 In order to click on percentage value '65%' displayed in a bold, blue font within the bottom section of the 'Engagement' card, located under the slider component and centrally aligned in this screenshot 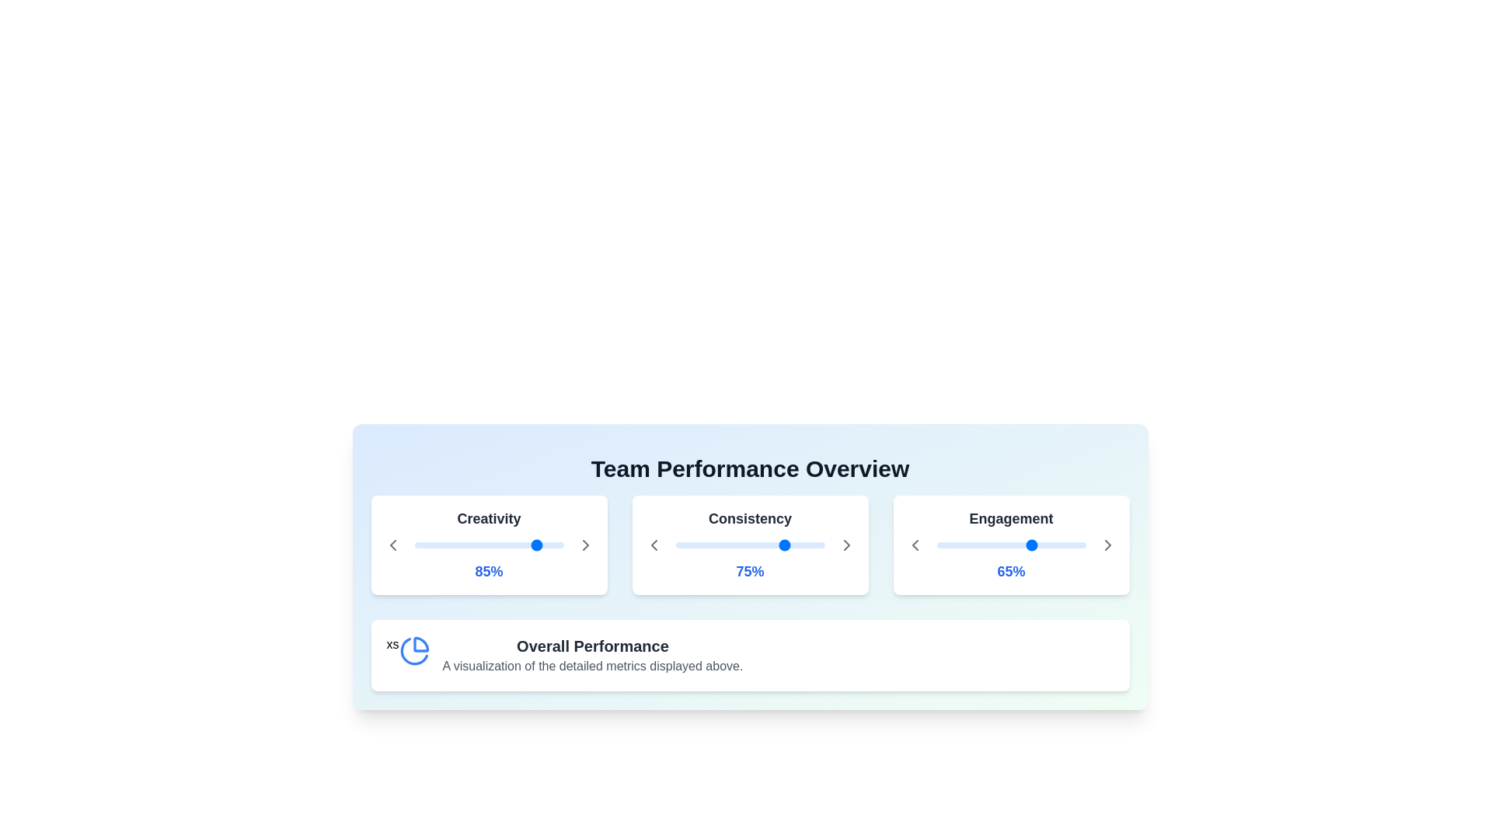, I will do `click(1011, 572)`.